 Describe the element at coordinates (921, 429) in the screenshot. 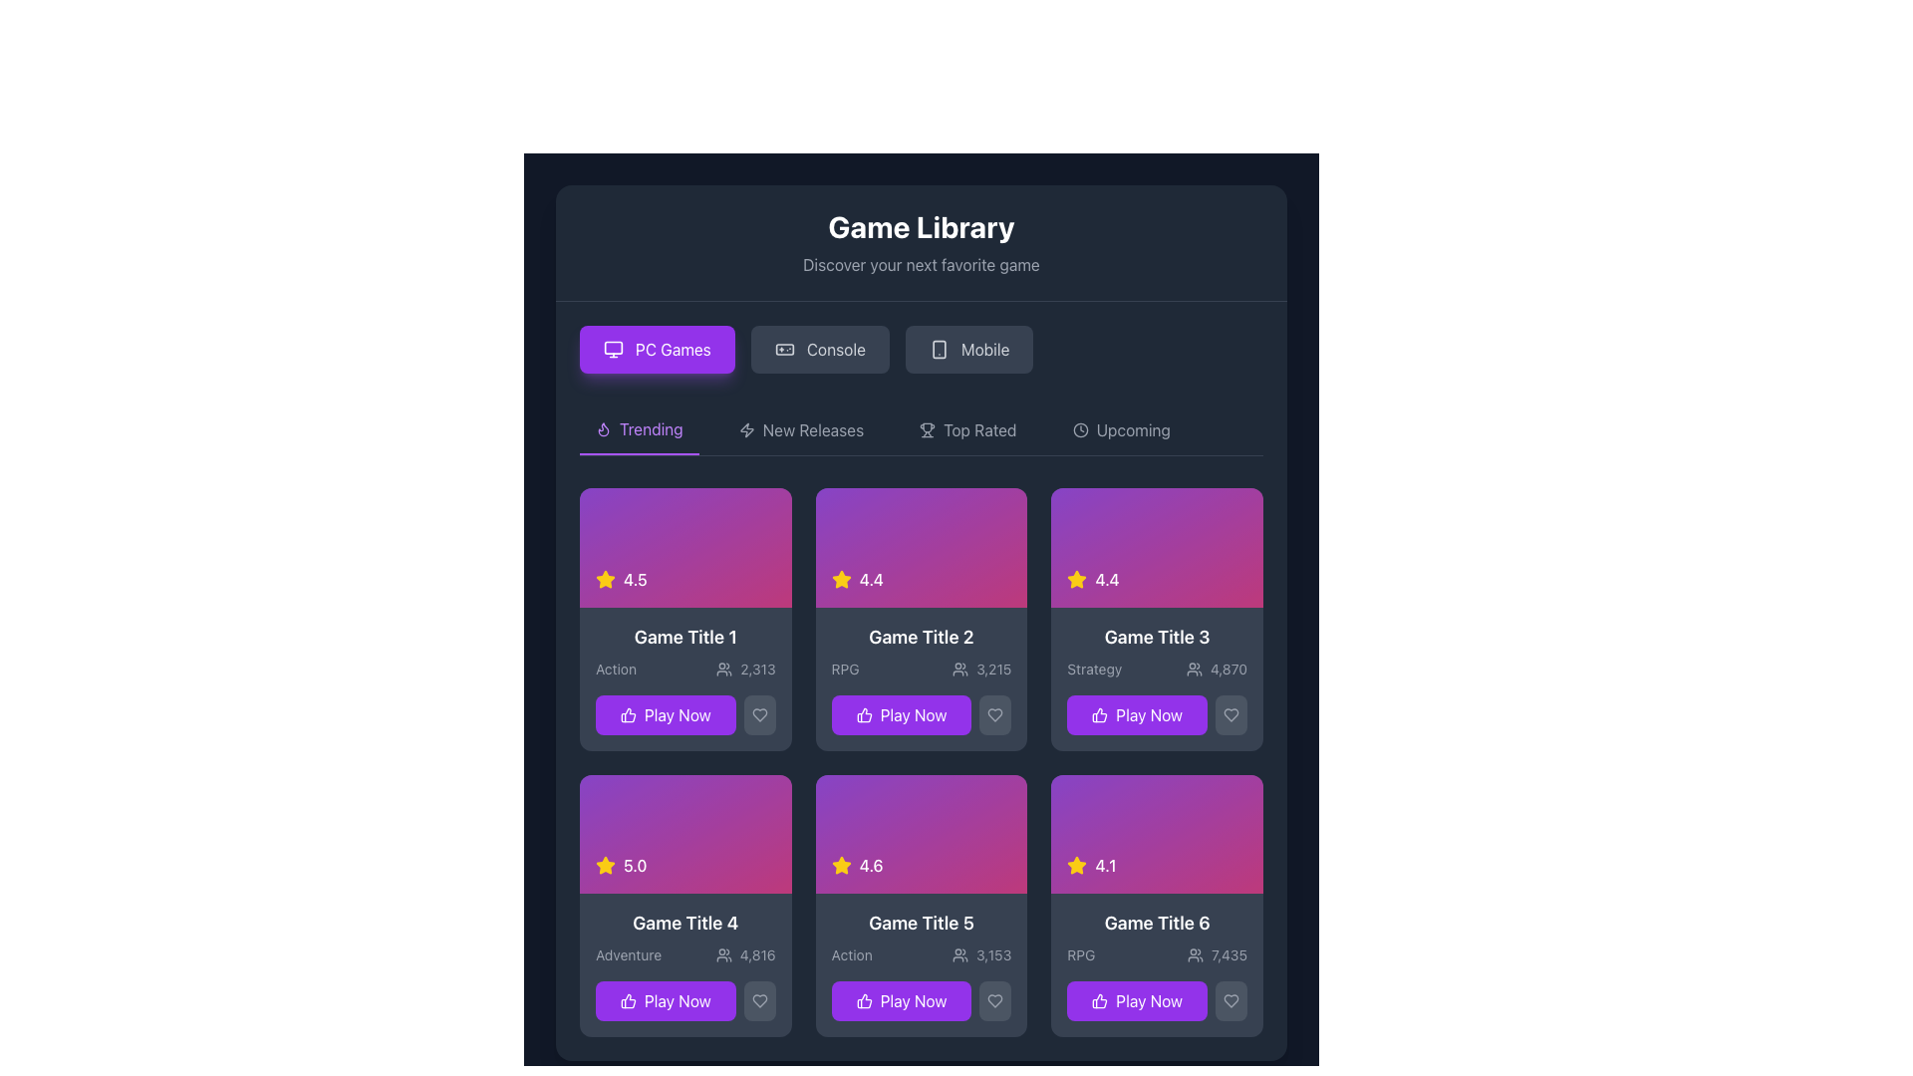

I see `the 'Top Rated' menu item located below the category selector buttons` at that location.